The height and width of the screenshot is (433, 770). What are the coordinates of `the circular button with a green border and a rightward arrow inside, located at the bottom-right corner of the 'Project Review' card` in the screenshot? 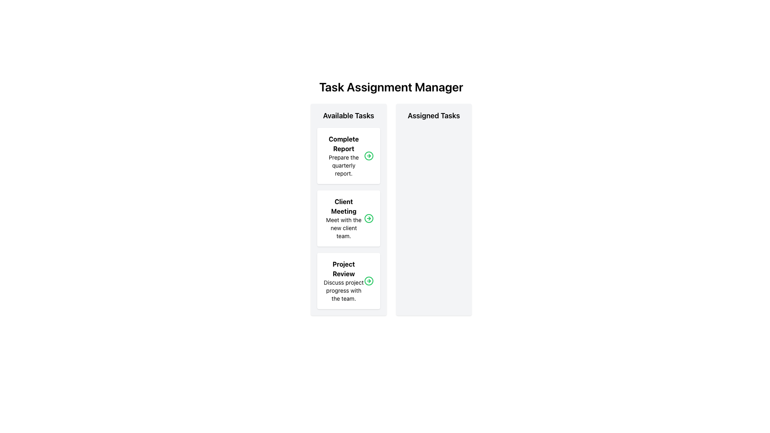 It's located at (368, 281).